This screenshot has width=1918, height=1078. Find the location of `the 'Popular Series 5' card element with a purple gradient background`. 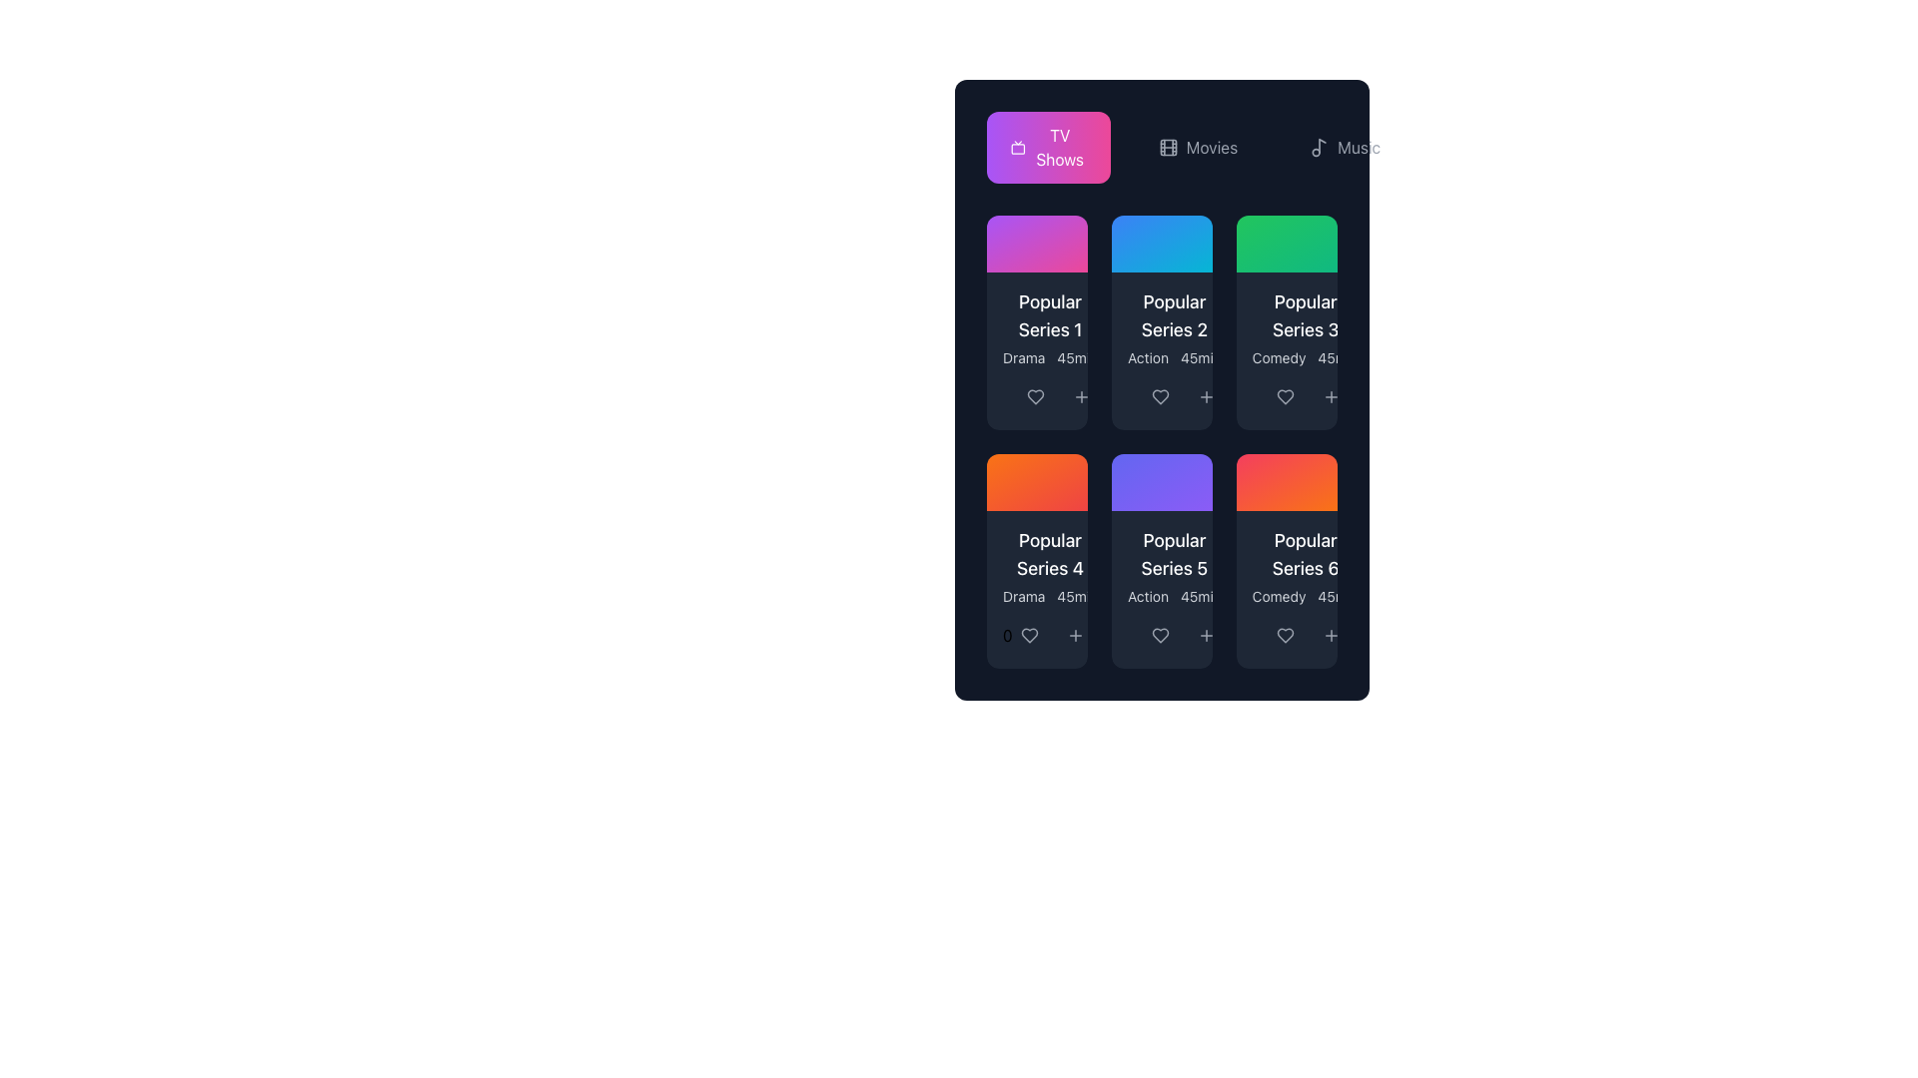

the 'Popular Series 5' card element with a purple gradient background is located at coordinates (1162, 440).